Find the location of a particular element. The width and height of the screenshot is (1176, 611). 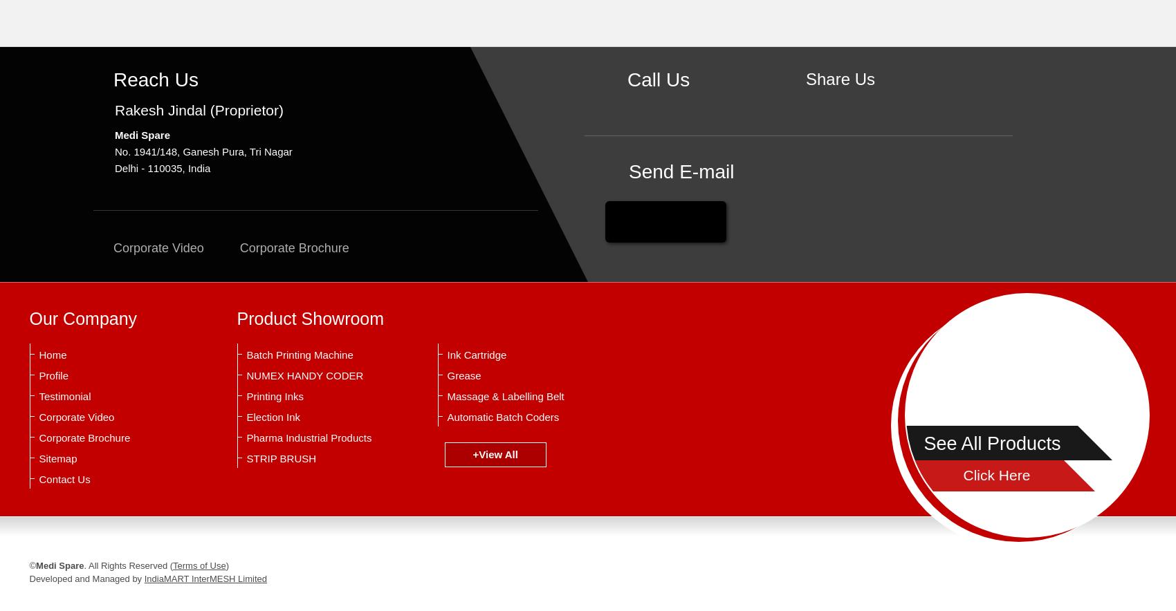

'Food Grade Grease' is located at coordinates (98, 214).